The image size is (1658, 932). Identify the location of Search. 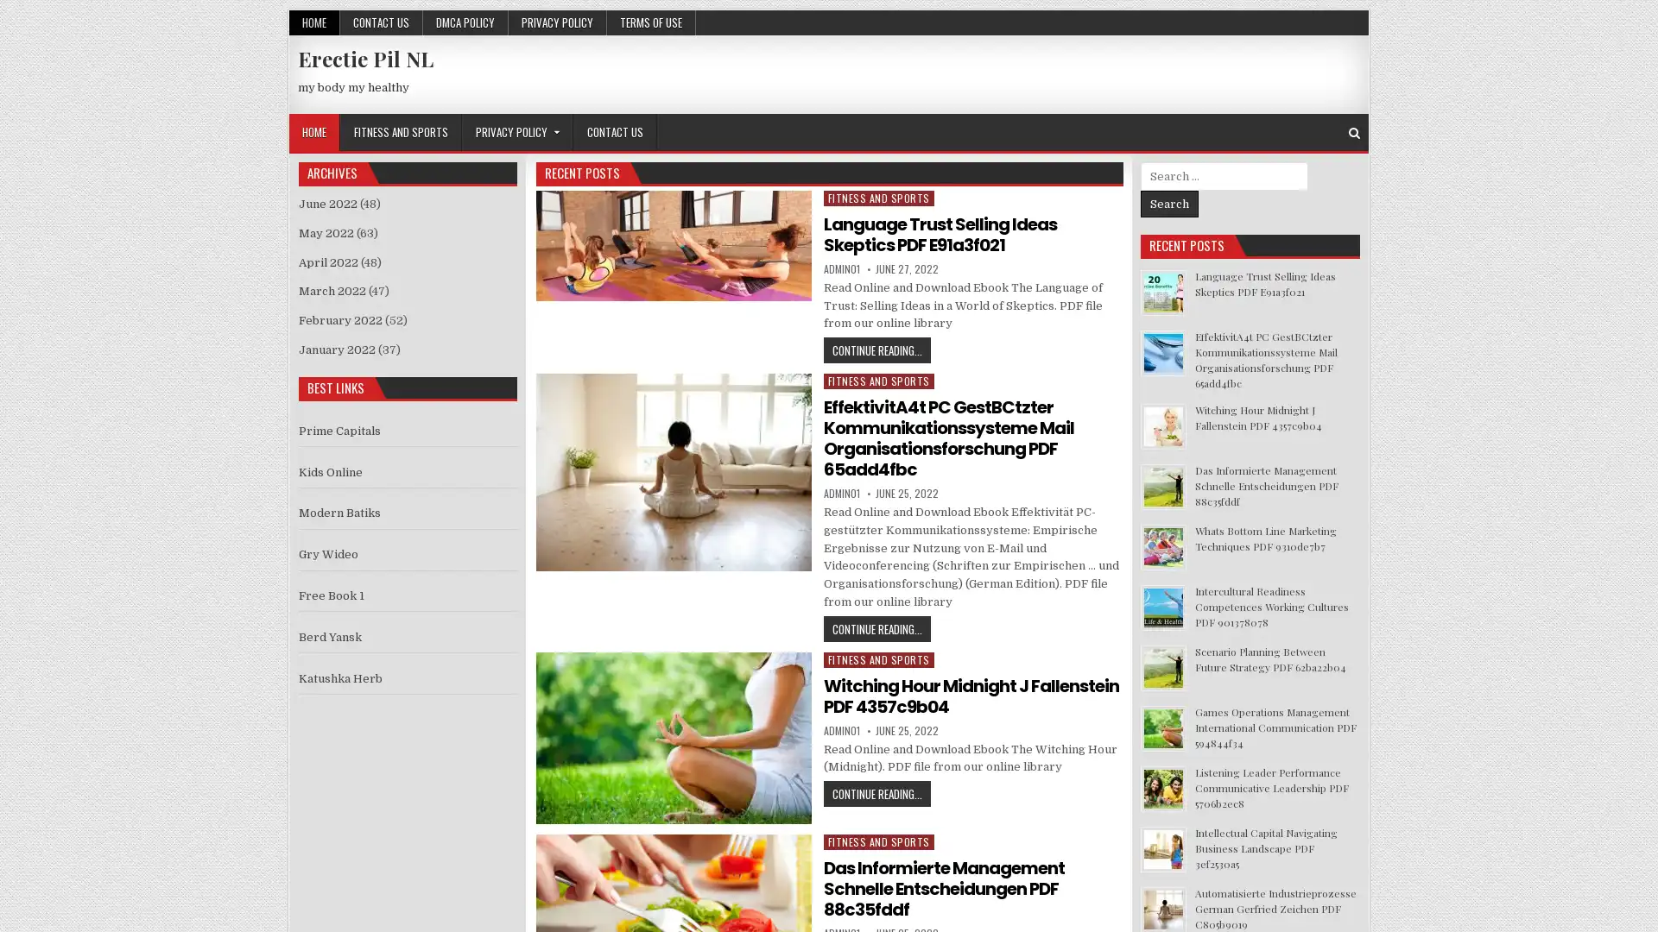
(1169, 203).